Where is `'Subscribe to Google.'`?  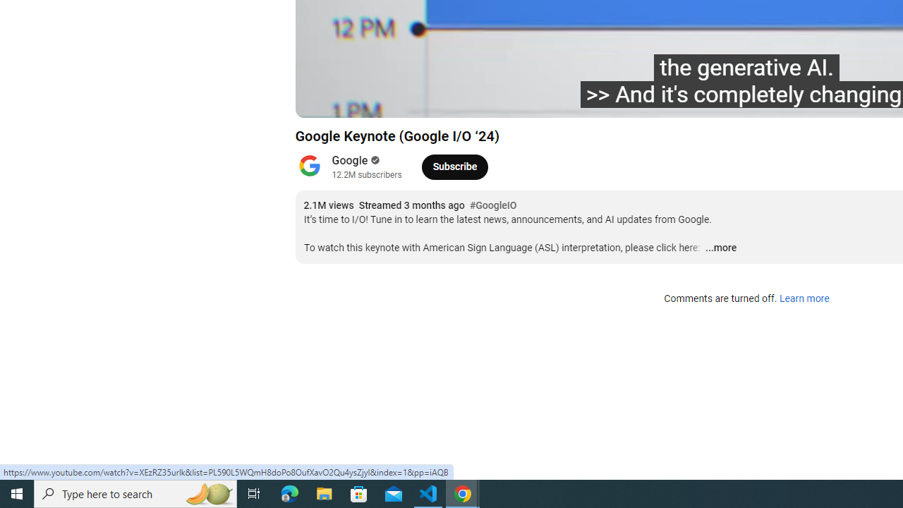 'Subscribe to Google.' is located at coordinates (454, 166).